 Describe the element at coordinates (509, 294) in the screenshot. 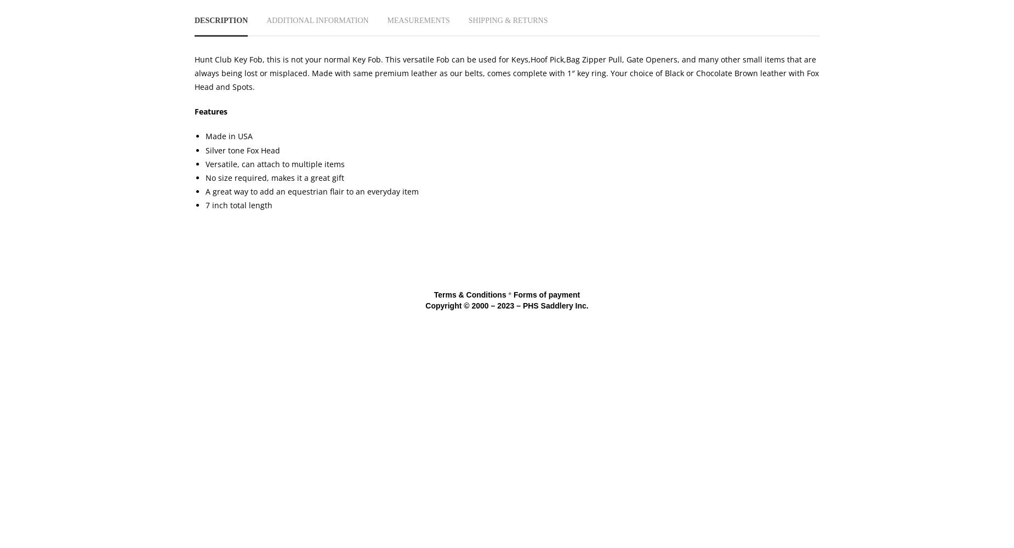

I see `'*'` at that location.